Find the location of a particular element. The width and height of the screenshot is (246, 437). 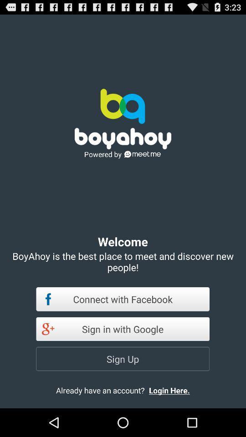

connect with facebook app is located at coordinates (123, 299).